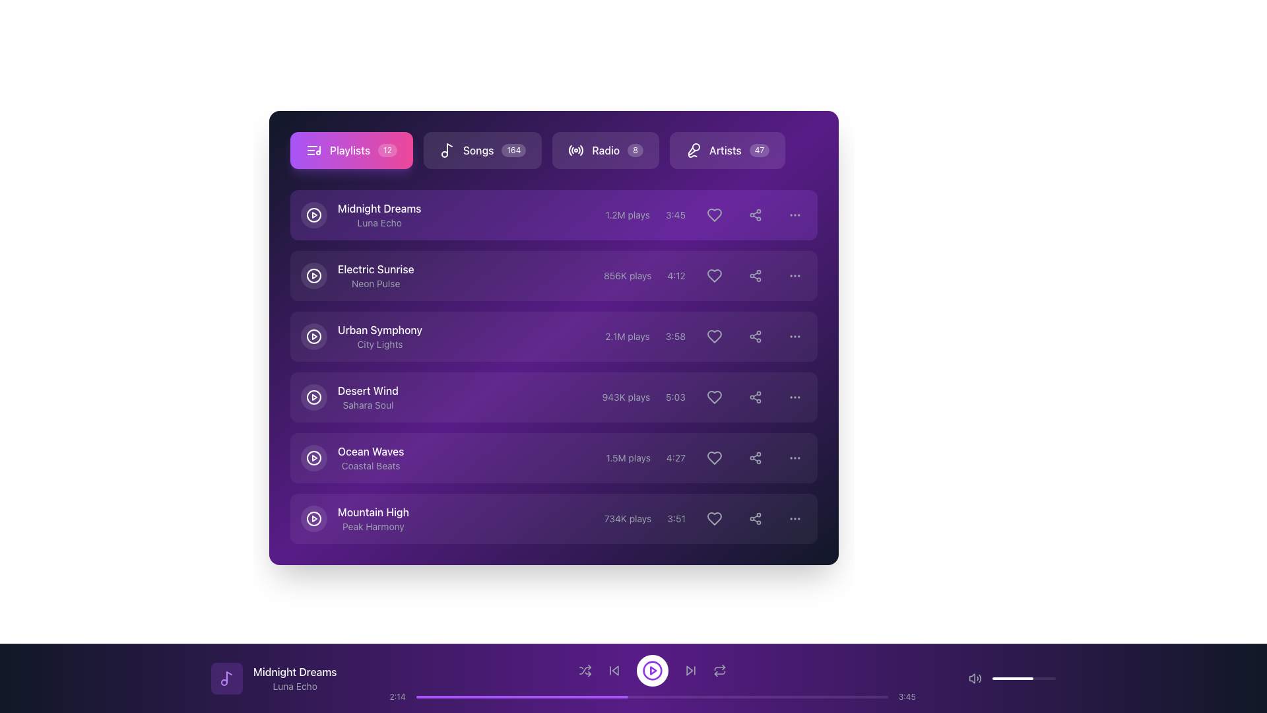 This screenshot has width=1267, height=713. What do you see at coordinates (794, 518) in the screenshot?
I see `the ellipsis icon located to the far right of the last row in the playlist section for keyboard navigation` at bounding box center [794, 518].